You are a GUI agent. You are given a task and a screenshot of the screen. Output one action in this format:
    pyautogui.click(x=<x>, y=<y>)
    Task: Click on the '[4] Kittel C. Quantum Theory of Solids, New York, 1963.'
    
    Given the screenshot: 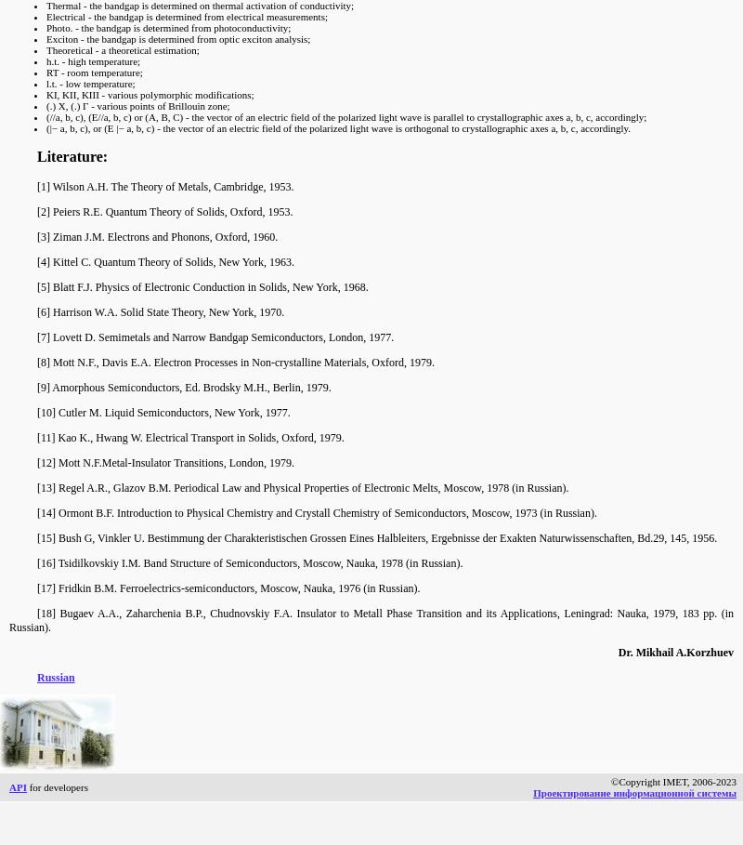 What is the action you would take?
    pyautogui.click(x=164, y=260)
    